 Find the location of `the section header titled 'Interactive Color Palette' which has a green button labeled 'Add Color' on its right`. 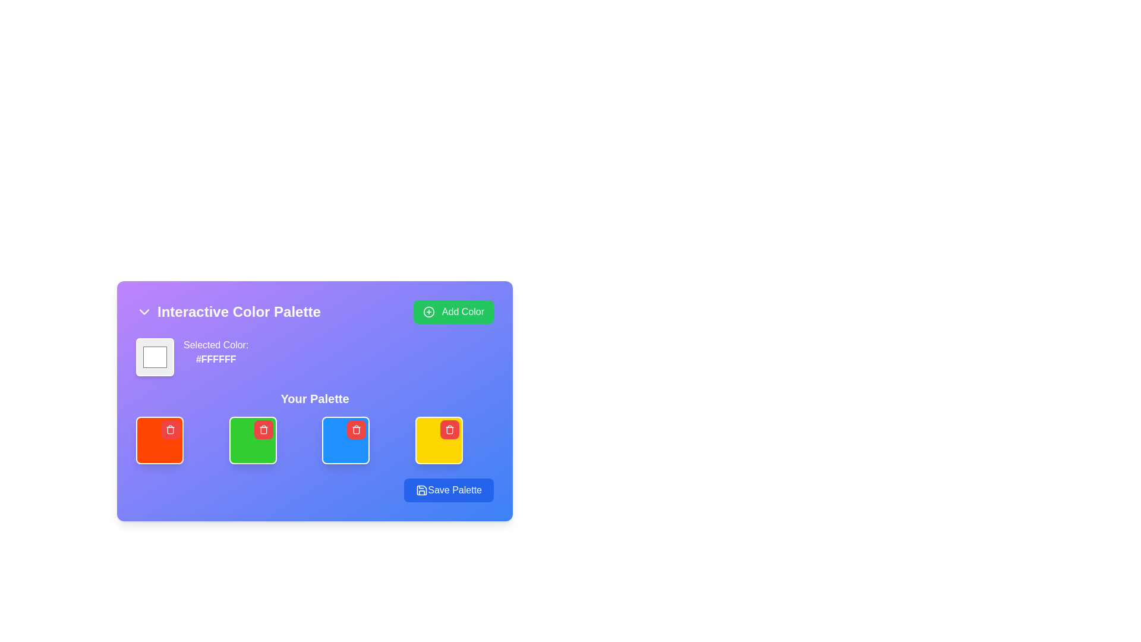

the section header titled 'Interactive Color Palette' which has a green button labeled 'Add Color' on its right is located at coordinates (314, 311).